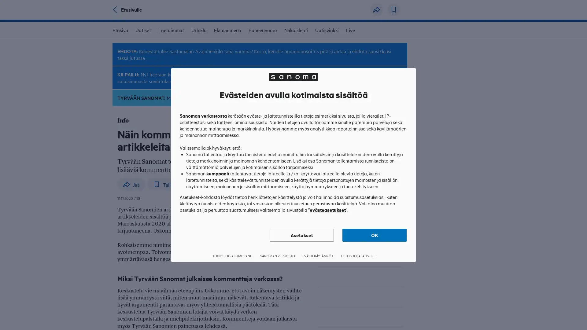 The height and width of the screenshot is (330, 587). What do you see at coordinates (167, 184) in the screenshot?
I see `Tallenna` at bounding box center [167, 184].